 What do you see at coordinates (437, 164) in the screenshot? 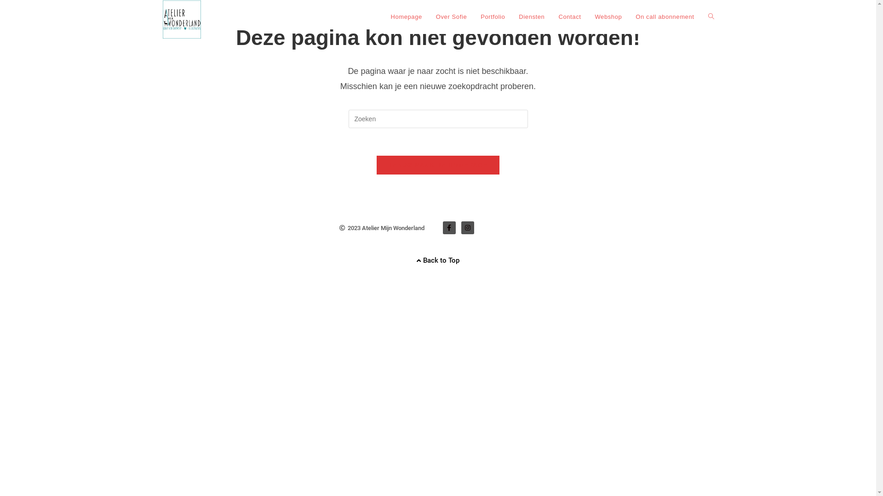
I see `'TERUG NAAR DE HOMEPAGE'` at bounding box center [437, 164].